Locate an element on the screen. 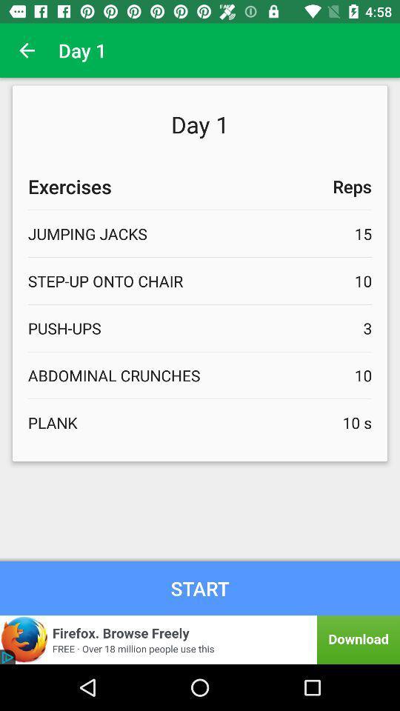 This screenshot has height=711, width=400. the field pushups 3 is located at coordinates (200, 328).